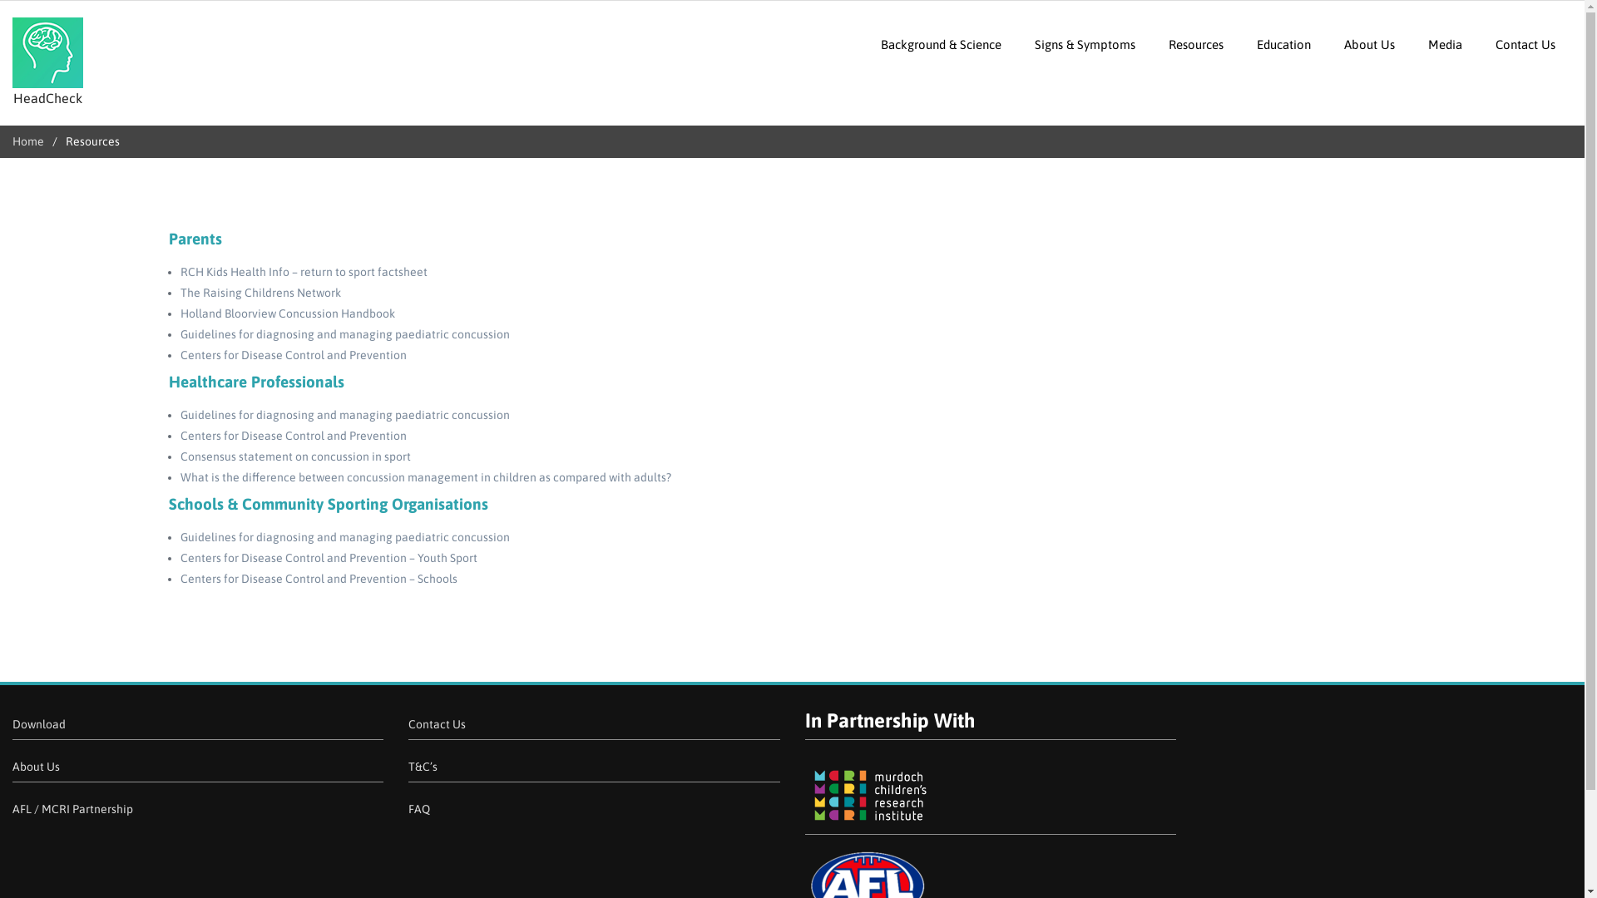 This screenshot has height=898, width=1597. Describe the element at coordinates (294, 456) in the screenshot. I see `'Consensus statement on concussion in sport'` at that location.